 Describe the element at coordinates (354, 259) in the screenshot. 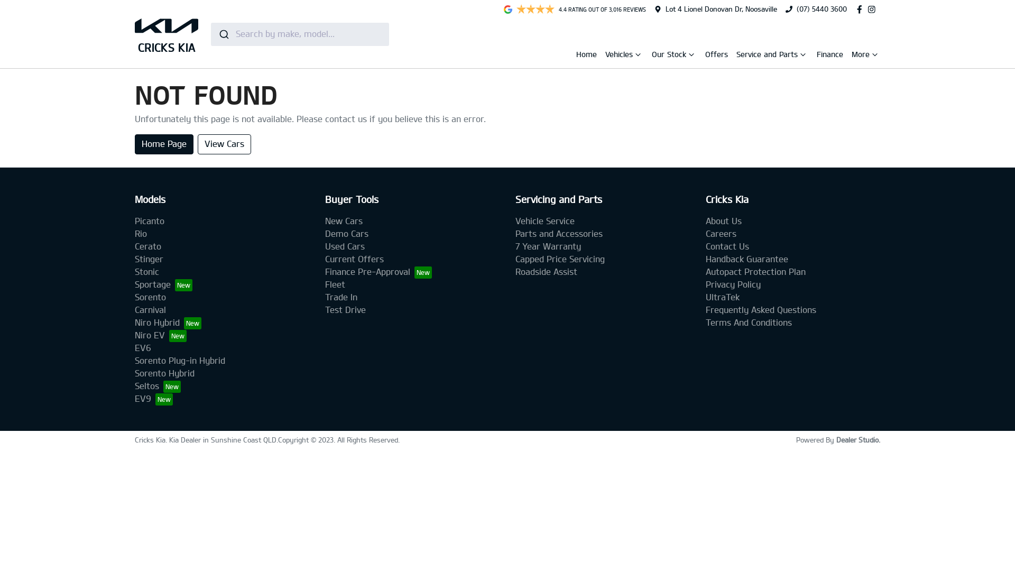

I see `'Current Offers'` at that location.